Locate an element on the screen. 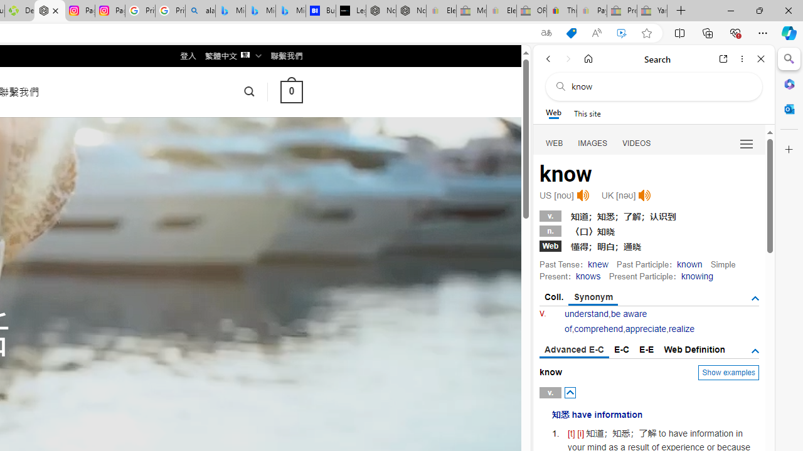  ' 0 ' is located at coordinates (290, 91).